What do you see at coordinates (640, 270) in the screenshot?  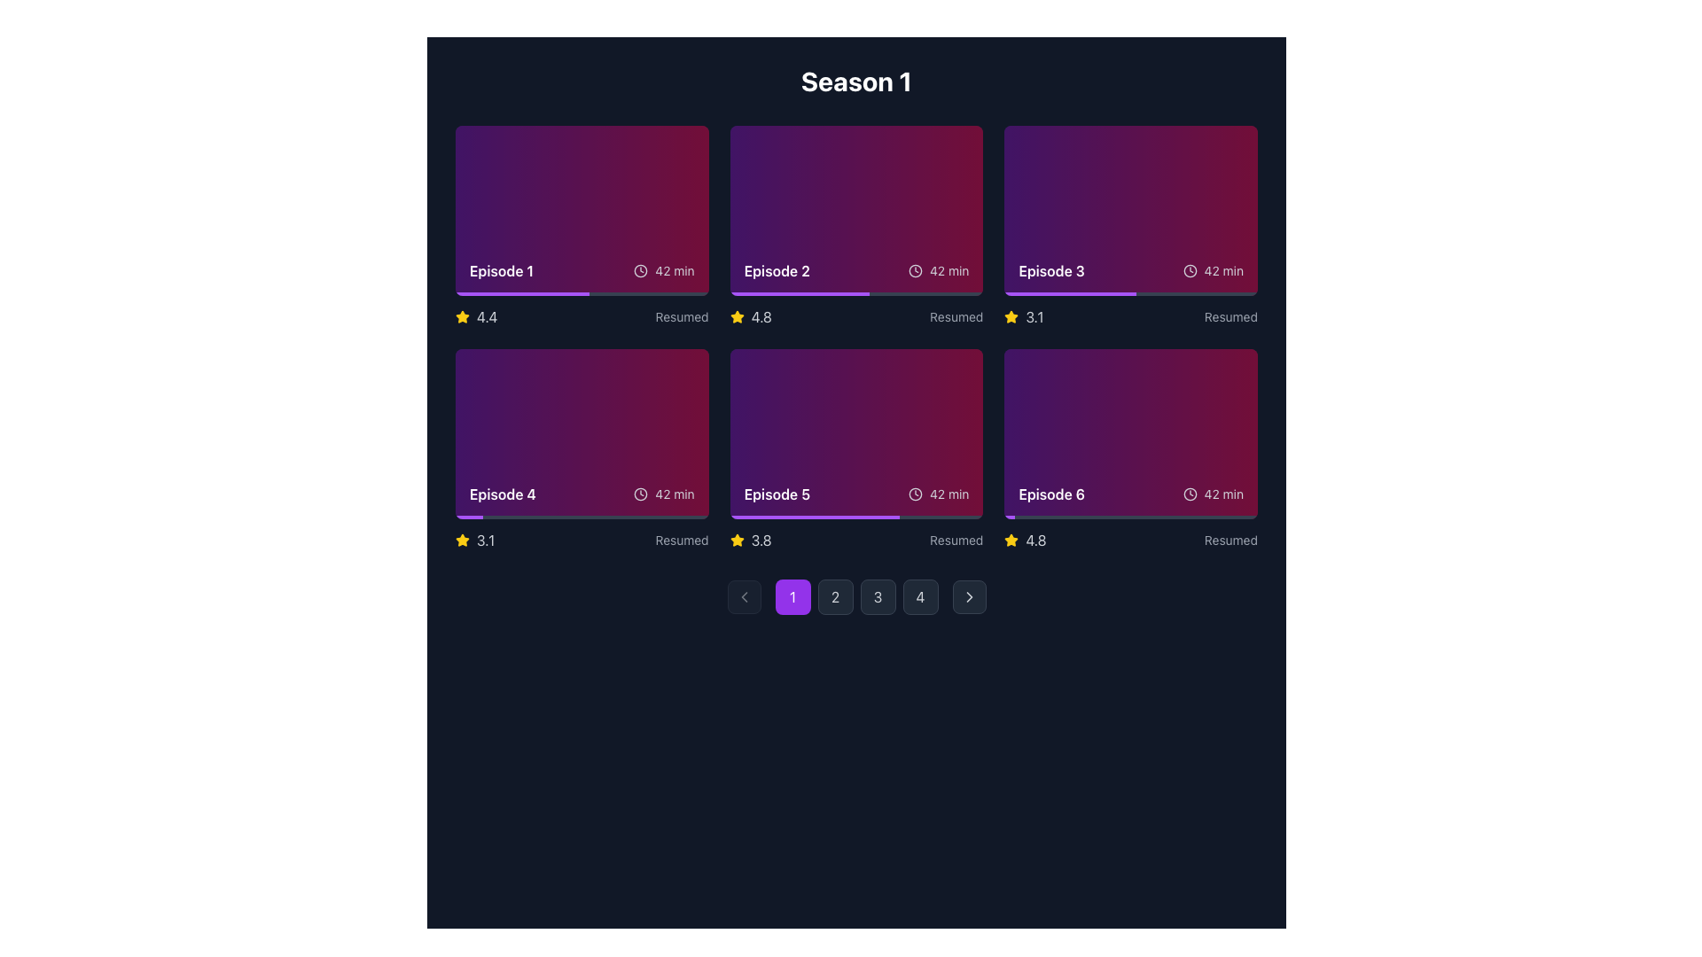 I see `the clock icon, which is a gray-toned circular clock face with hands, located next to the text '42 min' in the Episode 1 card` at bounding box center [640, 270].